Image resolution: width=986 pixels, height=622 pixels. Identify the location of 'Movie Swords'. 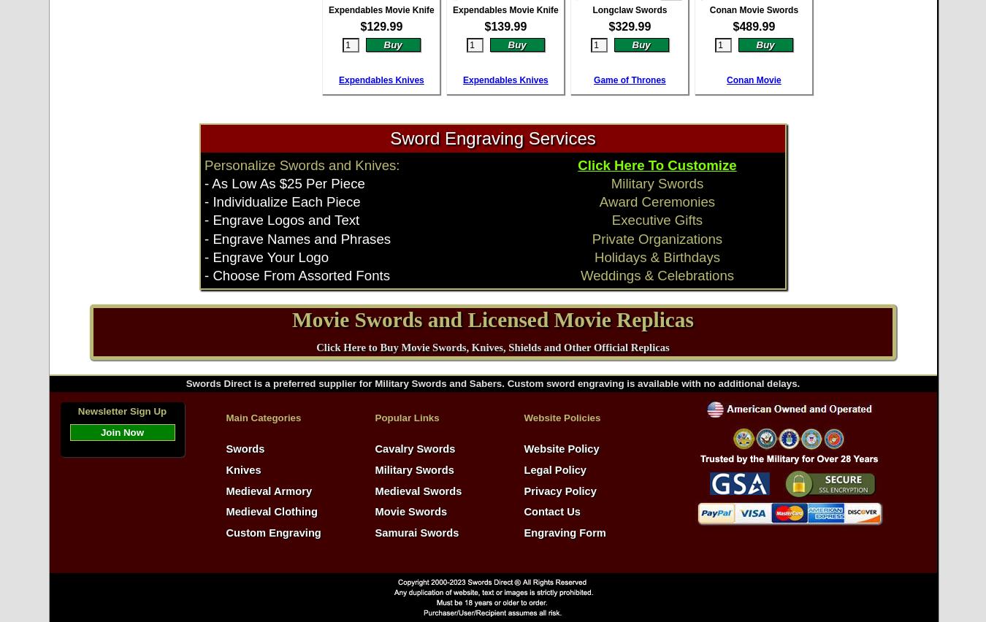
(374, 512).